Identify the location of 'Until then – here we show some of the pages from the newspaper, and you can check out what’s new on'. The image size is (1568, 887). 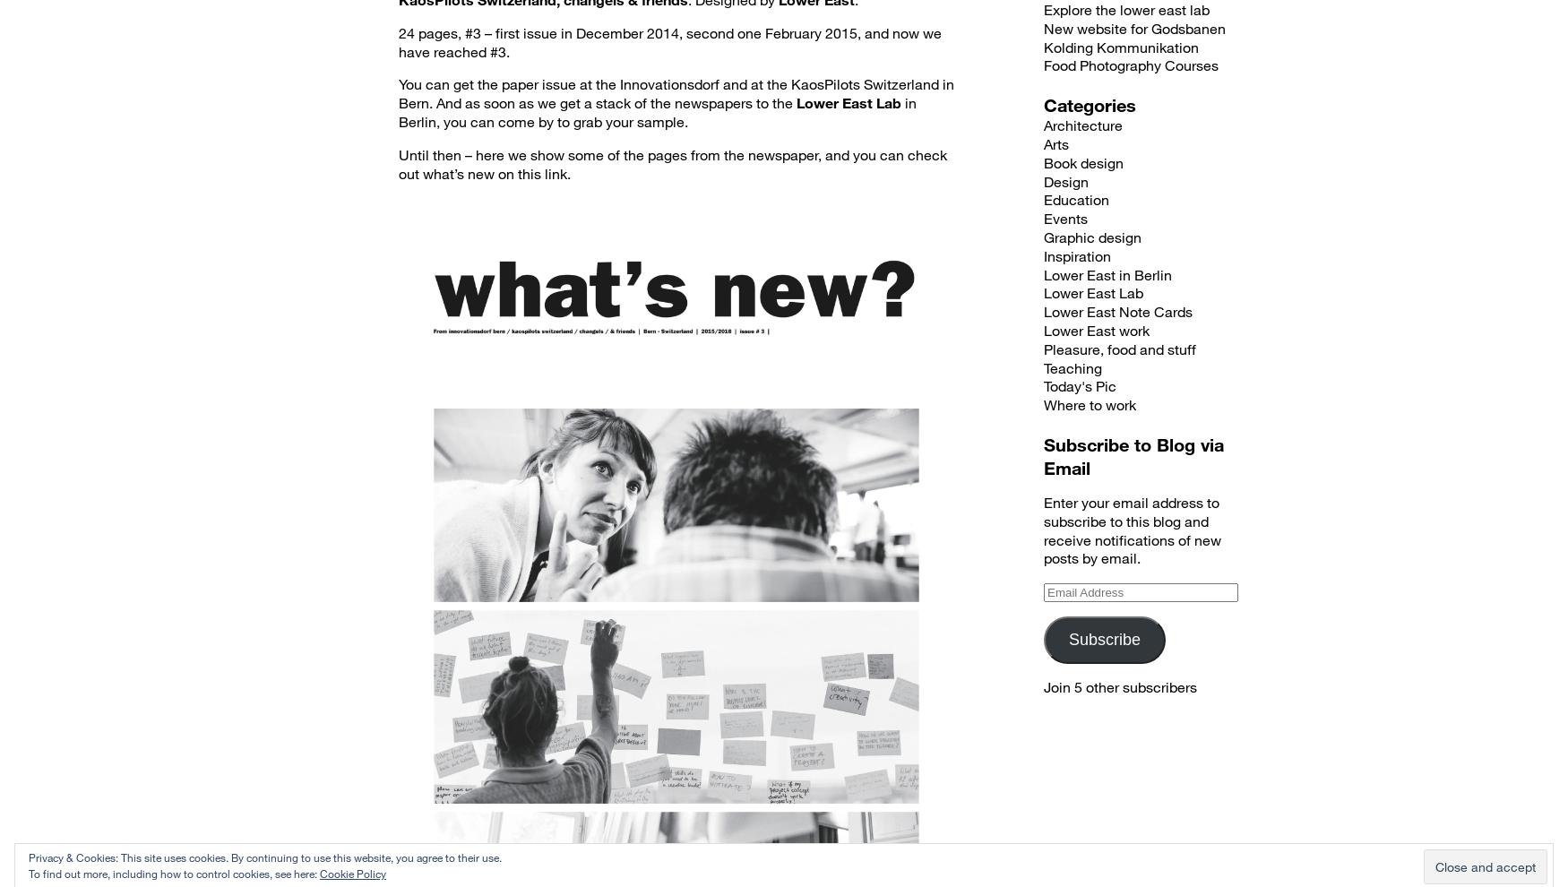
(672, 162).